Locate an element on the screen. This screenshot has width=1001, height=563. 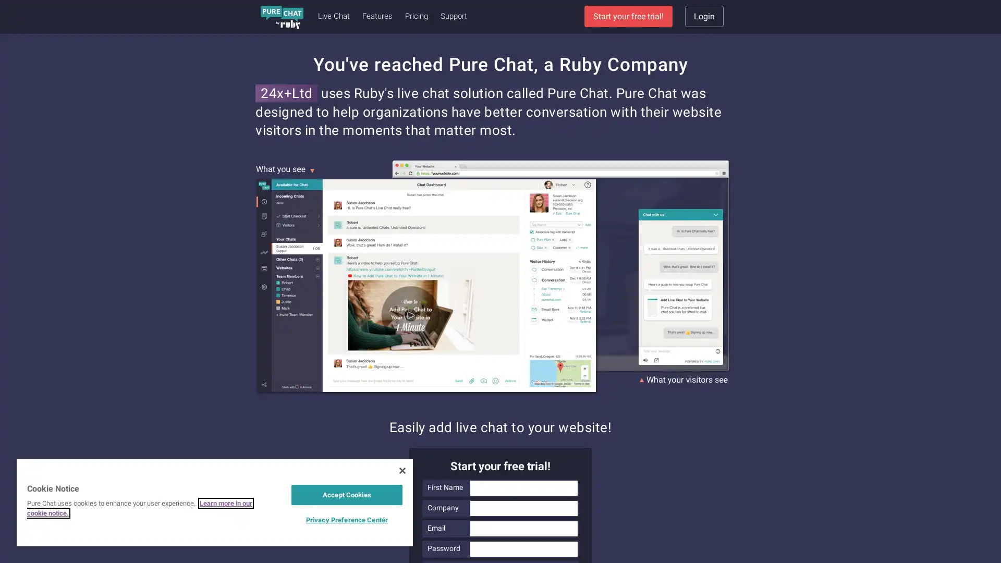
Close is located at coordinates (401, 470).